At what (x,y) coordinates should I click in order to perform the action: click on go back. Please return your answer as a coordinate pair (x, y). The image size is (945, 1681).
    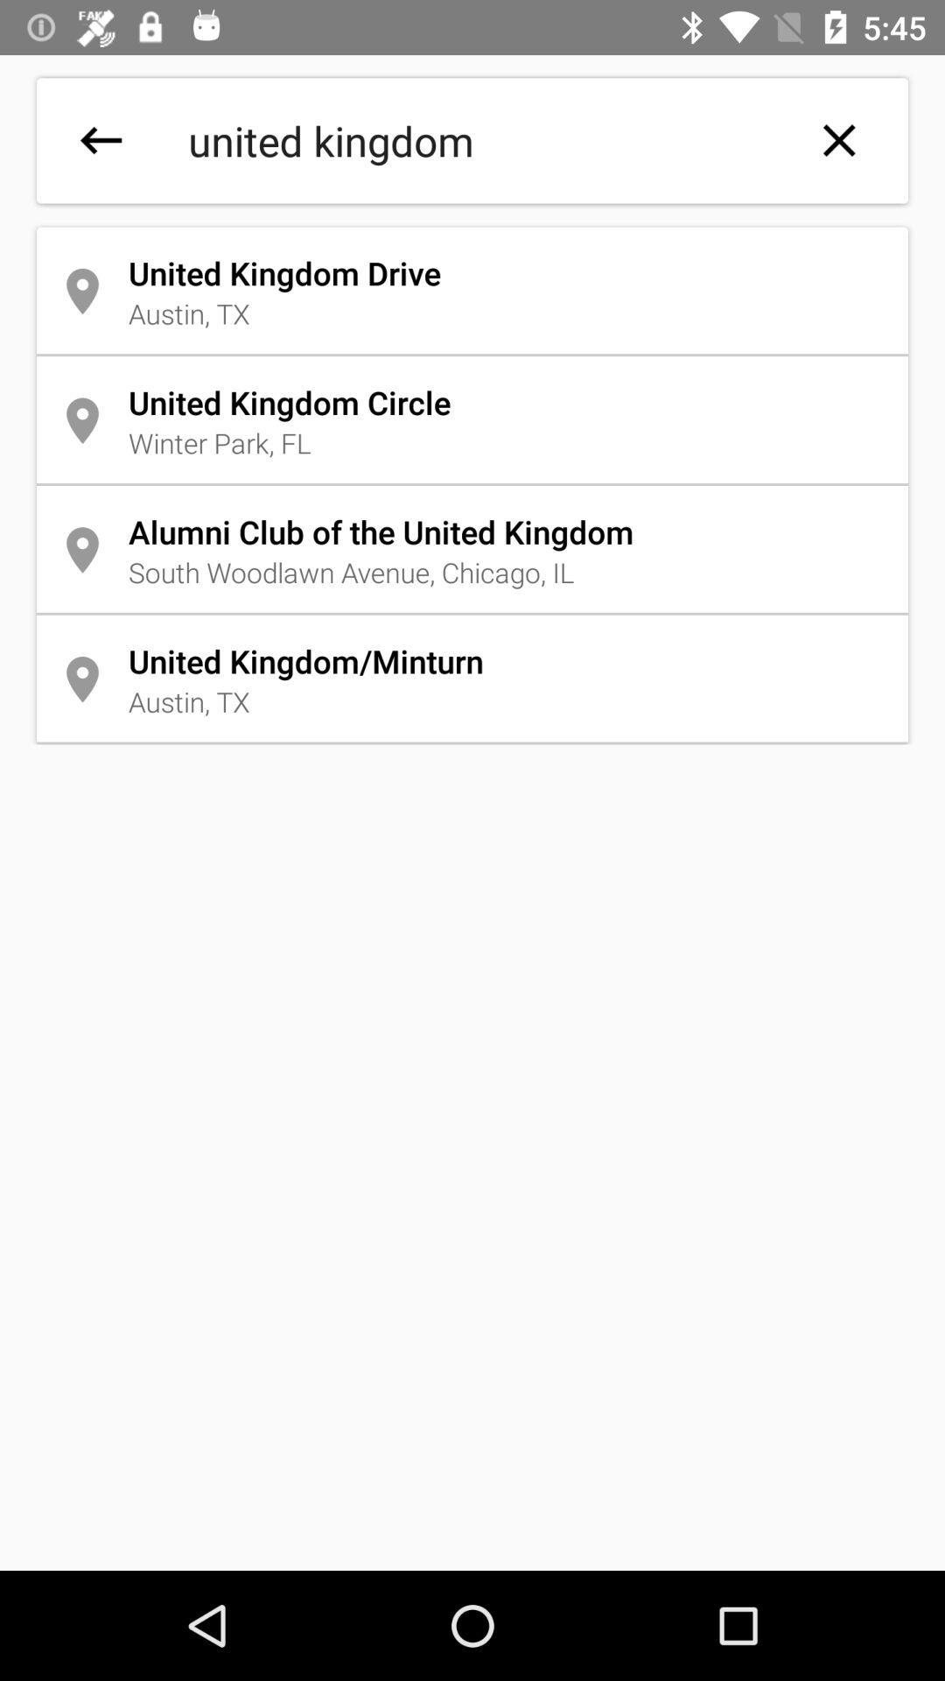
    Looking at the image, I should click on (101, 140).